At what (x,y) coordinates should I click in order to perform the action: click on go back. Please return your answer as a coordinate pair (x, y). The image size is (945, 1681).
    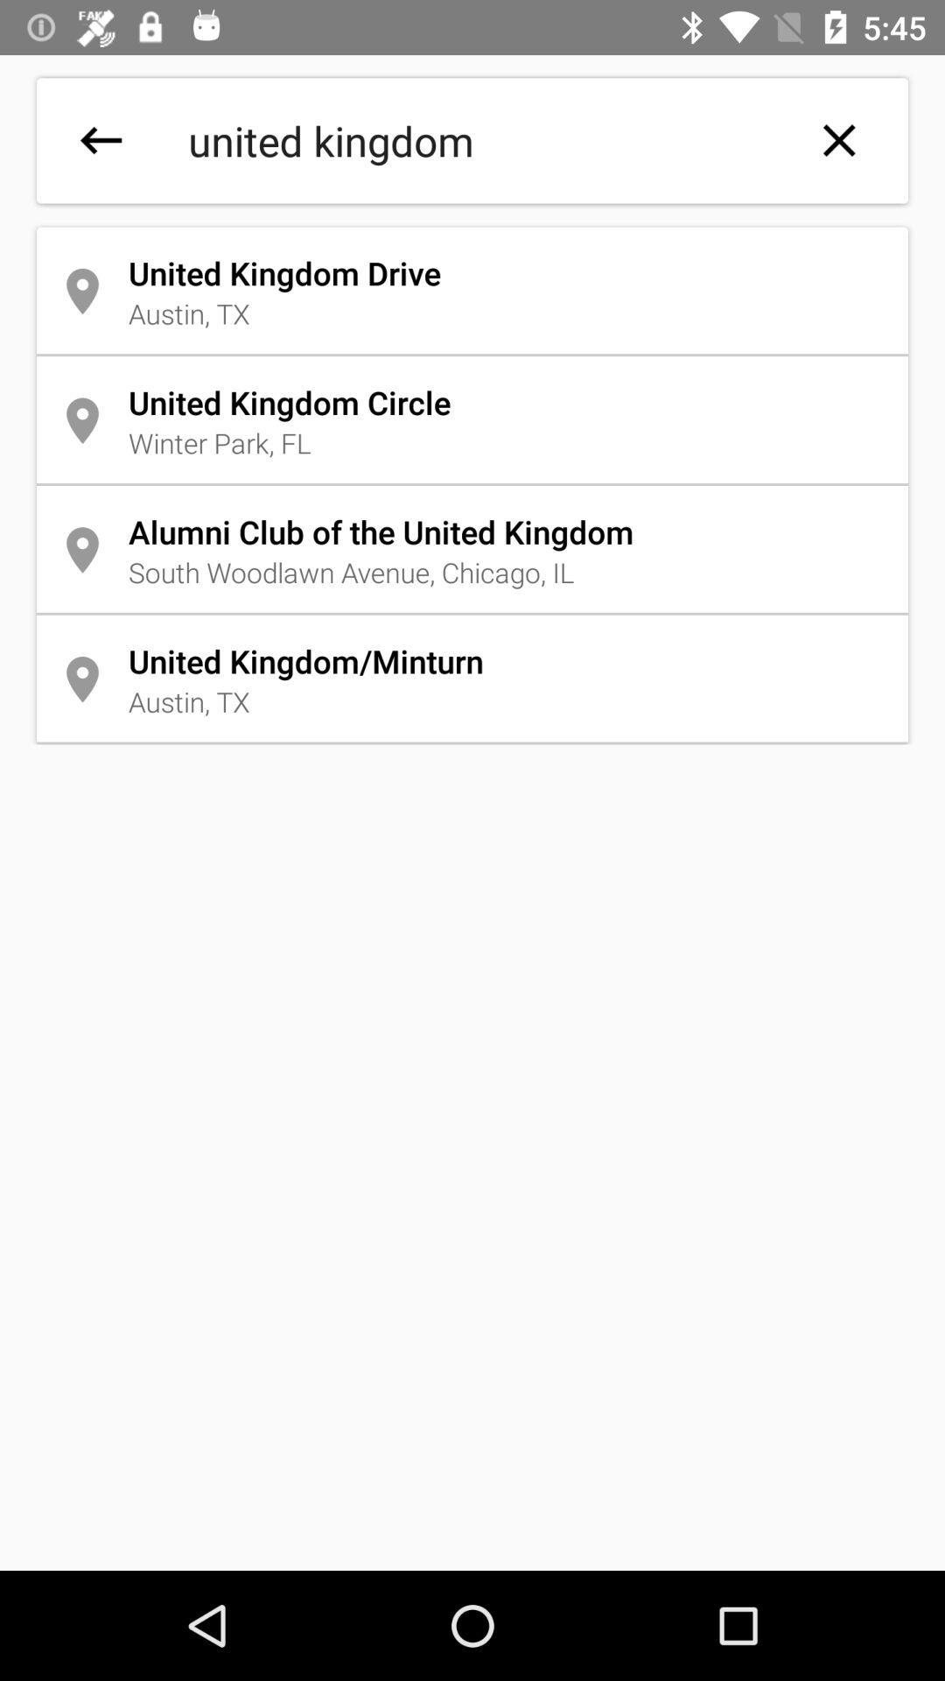
    Looking at the image, I should click on (101, 140).